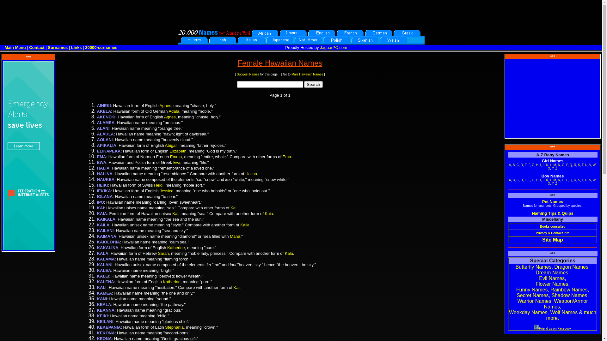  What do you see at coordinates (571, 165) in the screenshot?
I see `'Q'` at bounding box center [571, 165].